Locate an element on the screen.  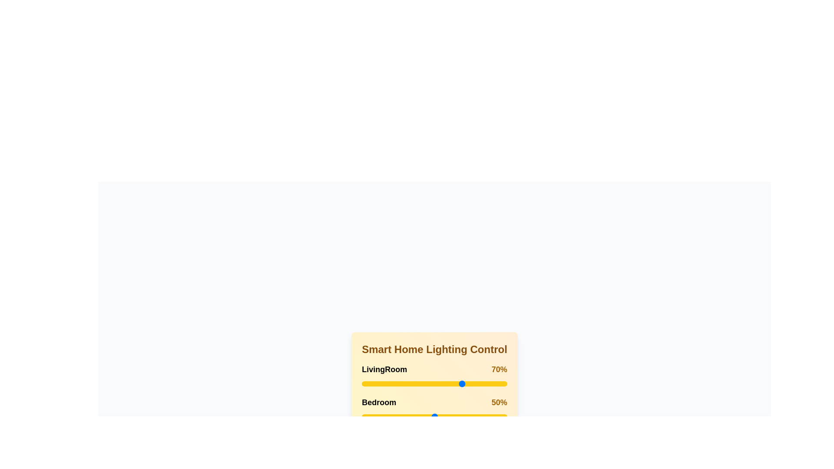
the lighting control value is located at coordinates (459, 383).